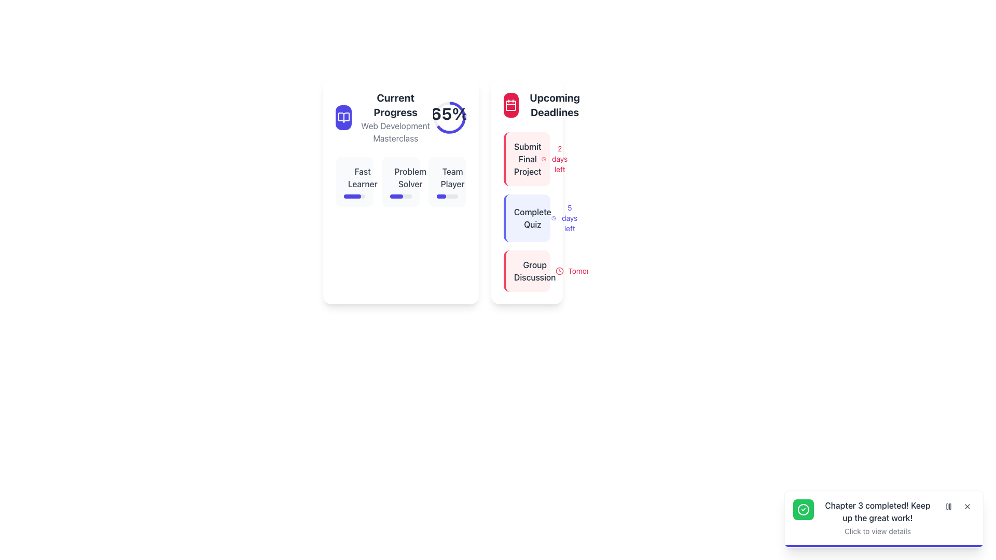  I want to click on the Progress Card labeled 'Problem Solver' which is the middle card in the 'Current Progress' section, displaying a 60% filled progress bar, so click(400, 181).